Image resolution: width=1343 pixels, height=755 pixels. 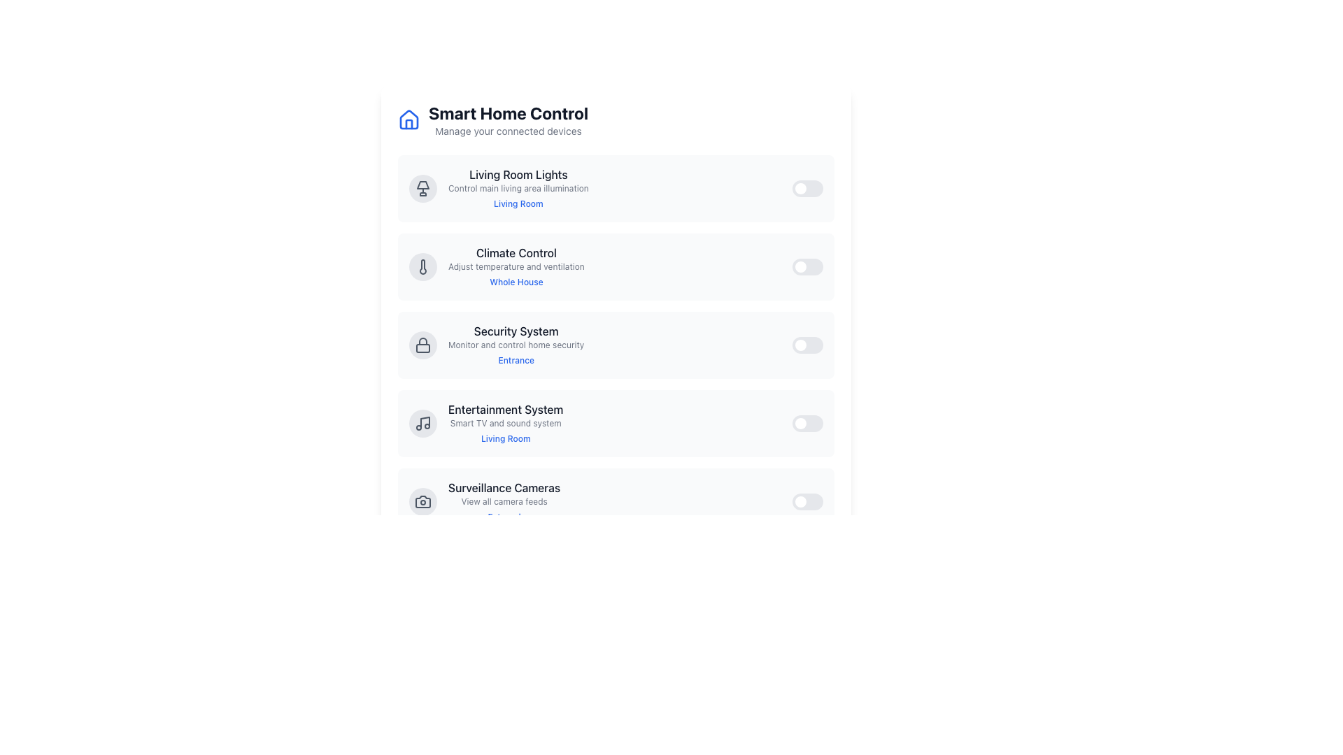 I want to click on the 'Climate Control' icon, which is located on the left side of the 'Climate Control' section, directly to the left of the associated text, so click(x=422, y=266).